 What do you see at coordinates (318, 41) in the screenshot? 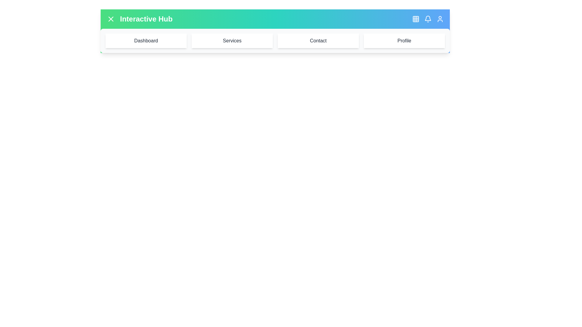
I see `the menu item Contact` at bounding box center [318, 41].